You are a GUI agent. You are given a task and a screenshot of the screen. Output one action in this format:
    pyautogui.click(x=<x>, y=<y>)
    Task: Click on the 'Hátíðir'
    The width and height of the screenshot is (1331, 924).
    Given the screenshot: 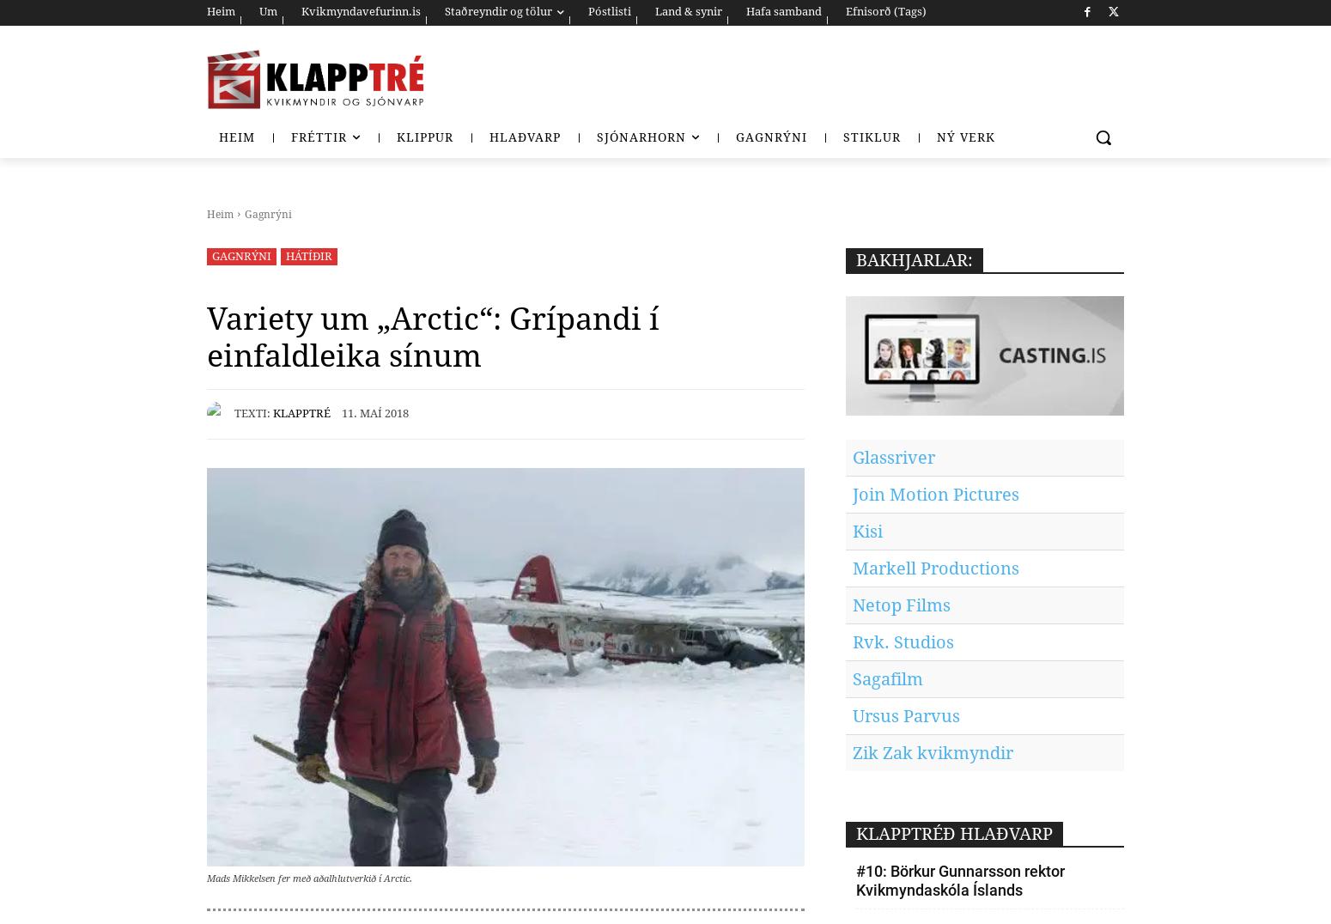 What is the action you would take?
    pyautogui.click(x=308, y=255)
    